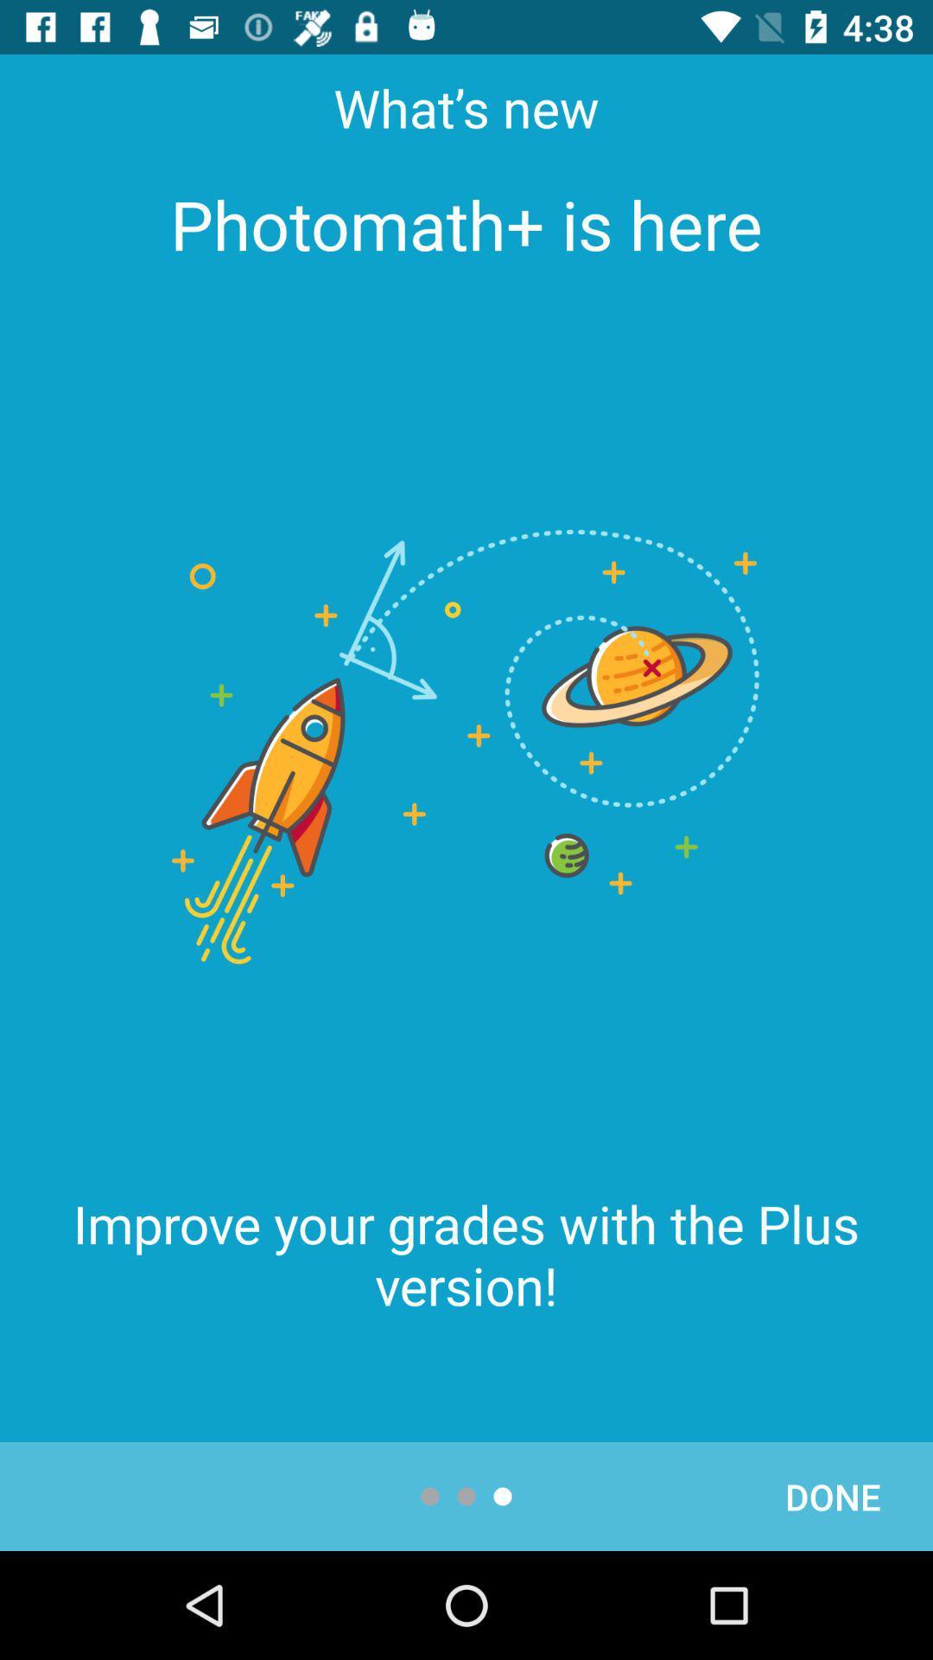  Describe the element at coordinates (832, 1496) in the screenshot. I see `the done` at that location.